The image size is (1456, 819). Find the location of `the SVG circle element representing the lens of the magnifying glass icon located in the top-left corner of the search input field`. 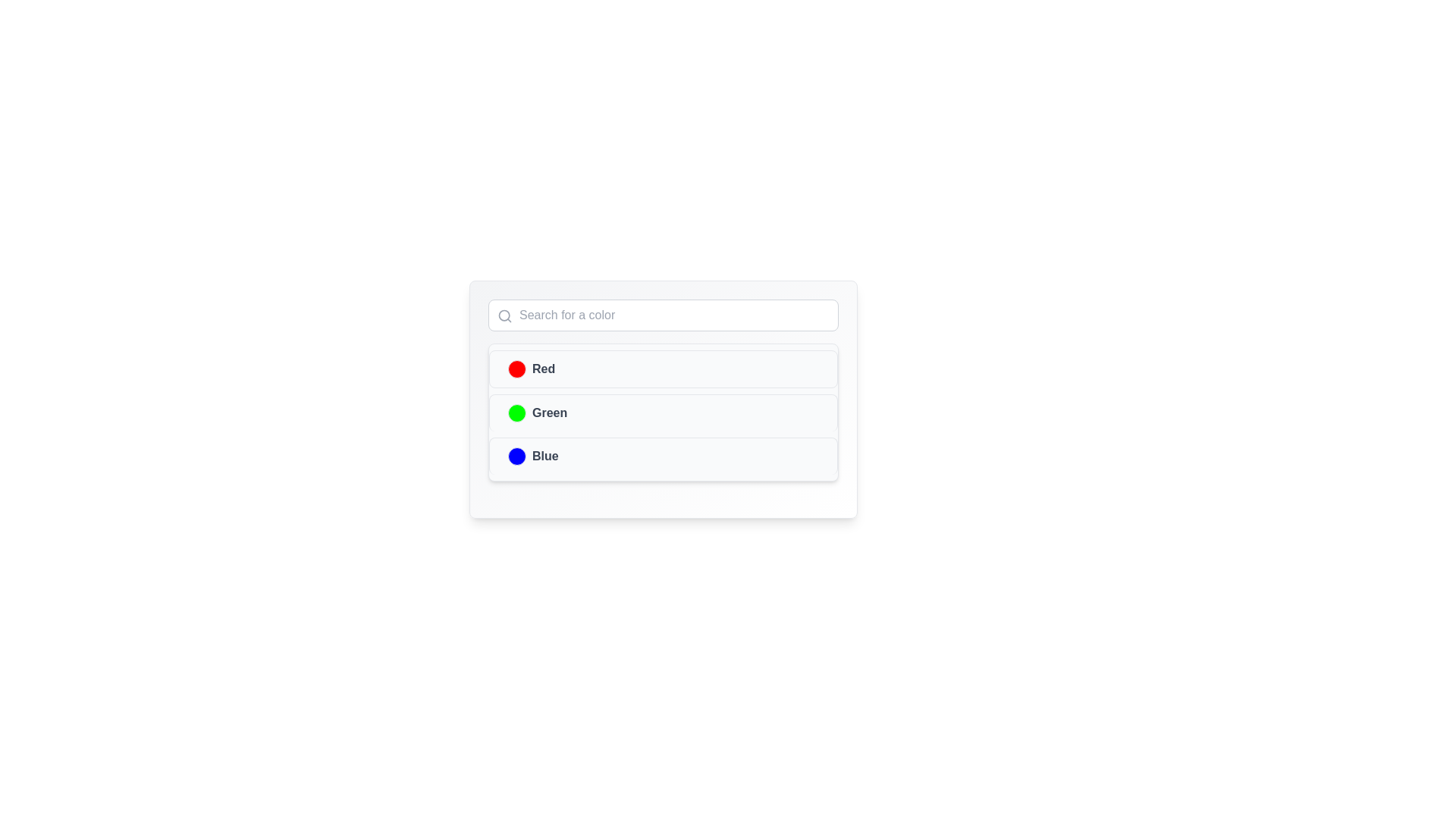

the SVG circle element representing the lens of the magnifying glass icon located in the top-left corner of the search input field is located at coordinates (504, 315).